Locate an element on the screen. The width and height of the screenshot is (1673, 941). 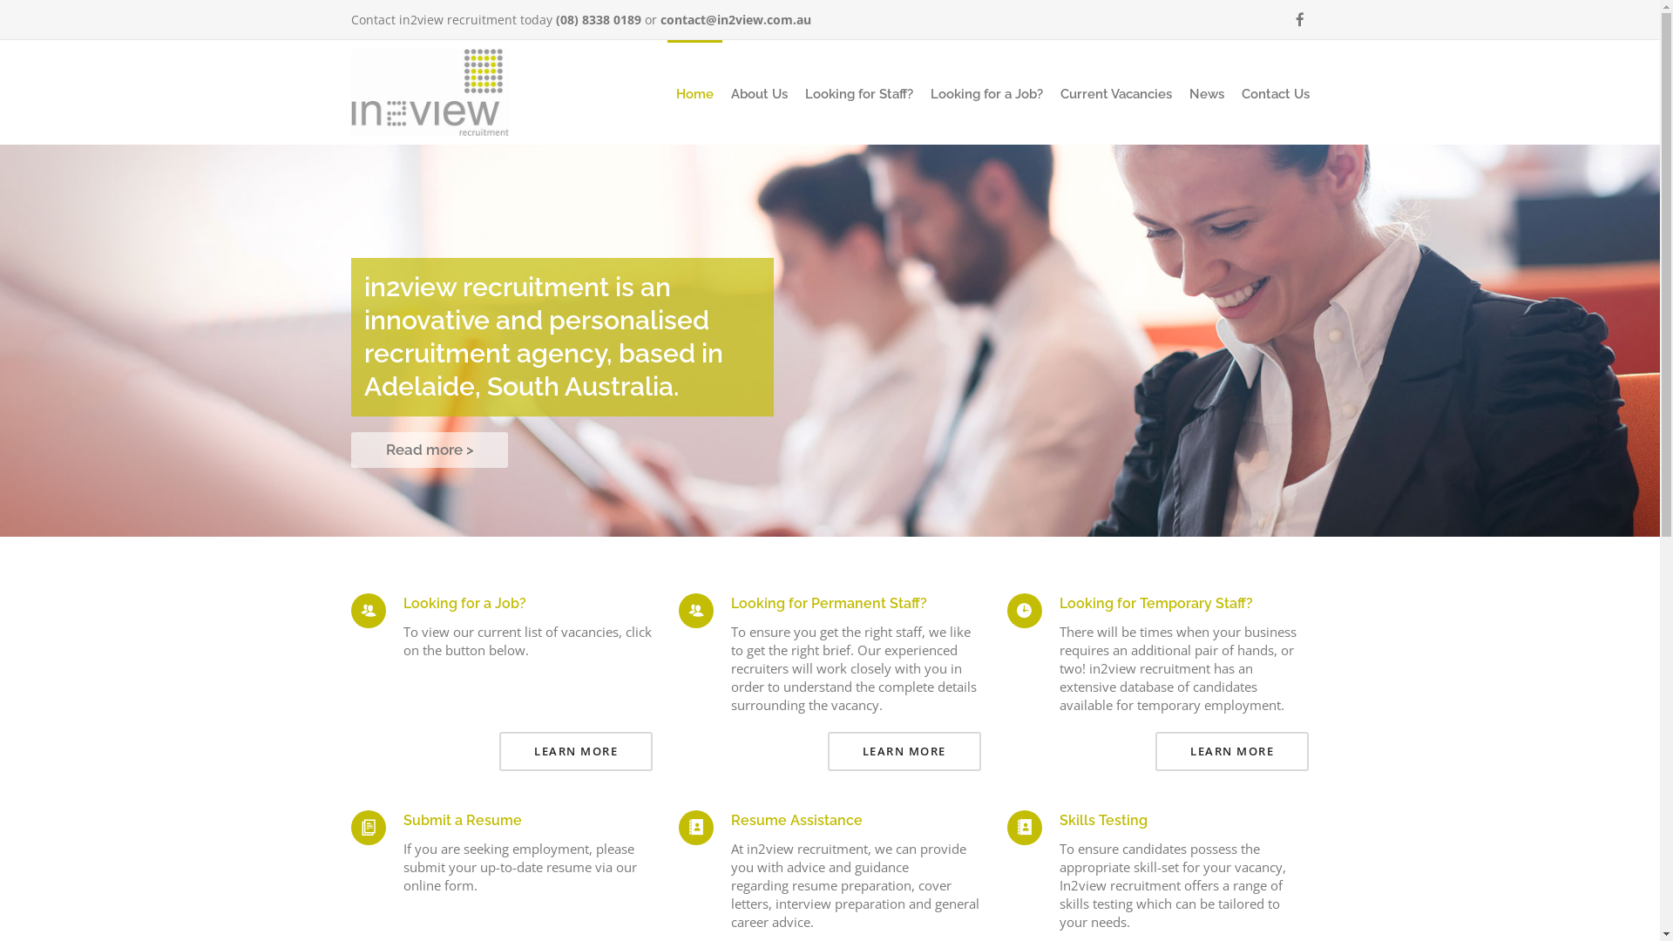
'Looking for Permanent Staff?' is located at coordinates (828, 602).